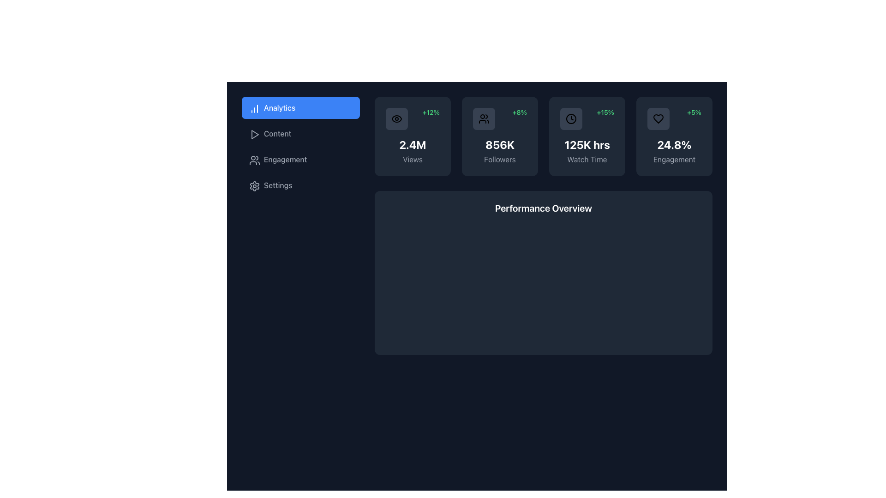 The height and width of the screenshot is (498, 886). I want to click on the bold numerical label '856K' which is styled in a large white font and positioned above the 'Followers' label in the second card from the left in the series of cards, so click(499, 144).